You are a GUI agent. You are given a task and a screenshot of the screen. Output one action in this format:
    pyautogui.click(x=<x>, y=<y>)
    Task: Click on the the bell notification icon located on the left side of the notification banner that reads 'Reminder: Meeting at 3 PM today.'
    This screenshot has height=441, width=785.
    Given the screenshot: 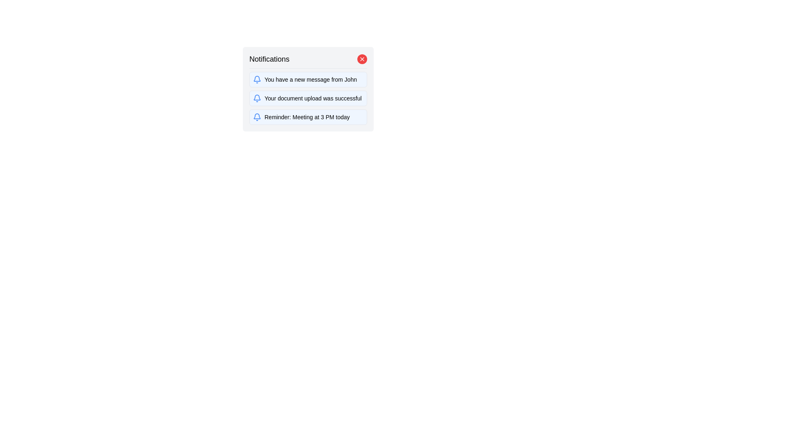 What is the action you would take?
    pyautogui.click(x=256, y=117)
    